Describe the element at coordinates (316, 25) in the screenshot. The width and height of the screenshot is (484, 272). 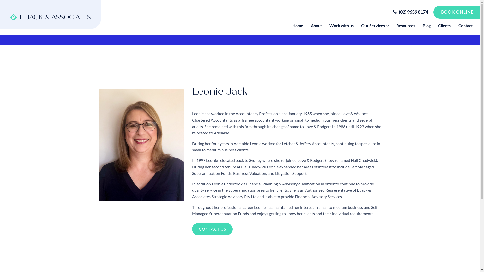
I see `'About'` at that location.